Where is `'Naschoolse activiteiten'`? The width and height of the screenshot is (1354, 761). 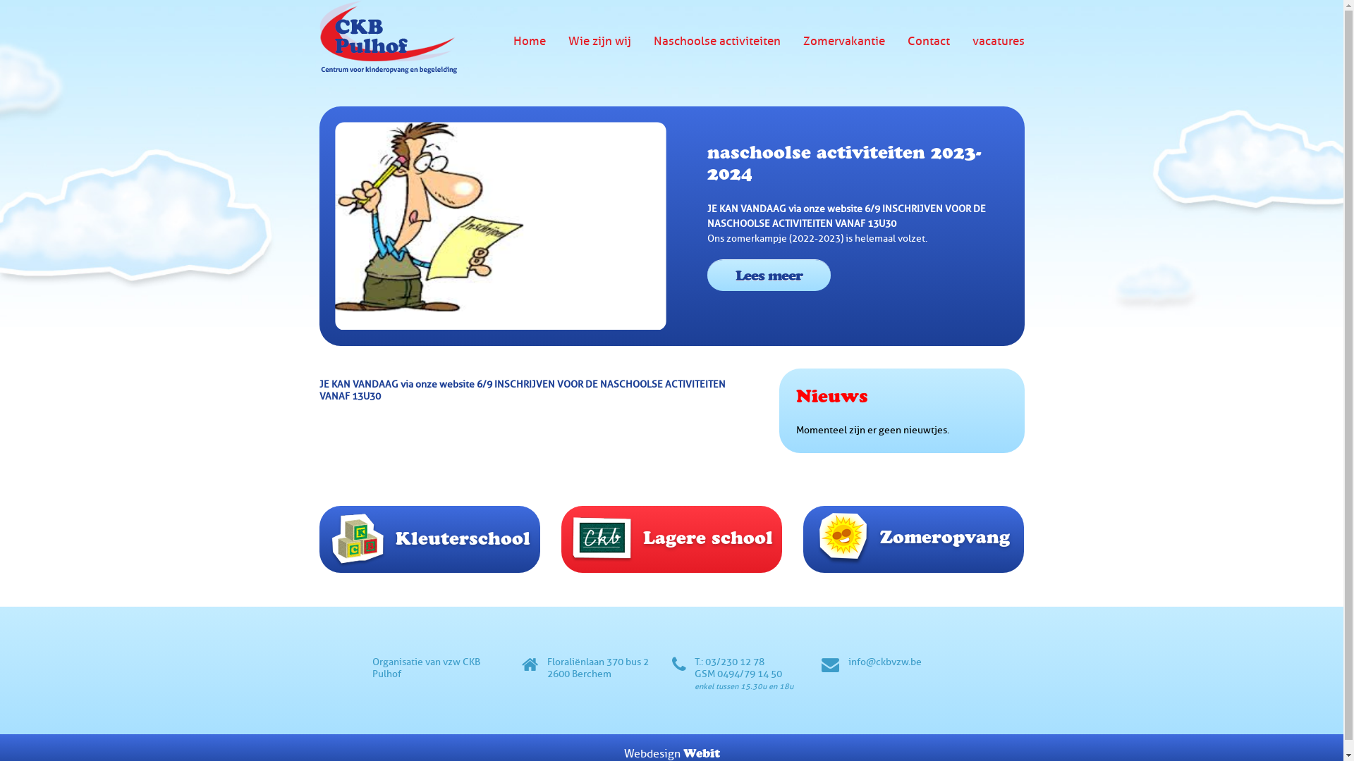 'Naschoolse activiteiten' is located at coordinates (716, 40).